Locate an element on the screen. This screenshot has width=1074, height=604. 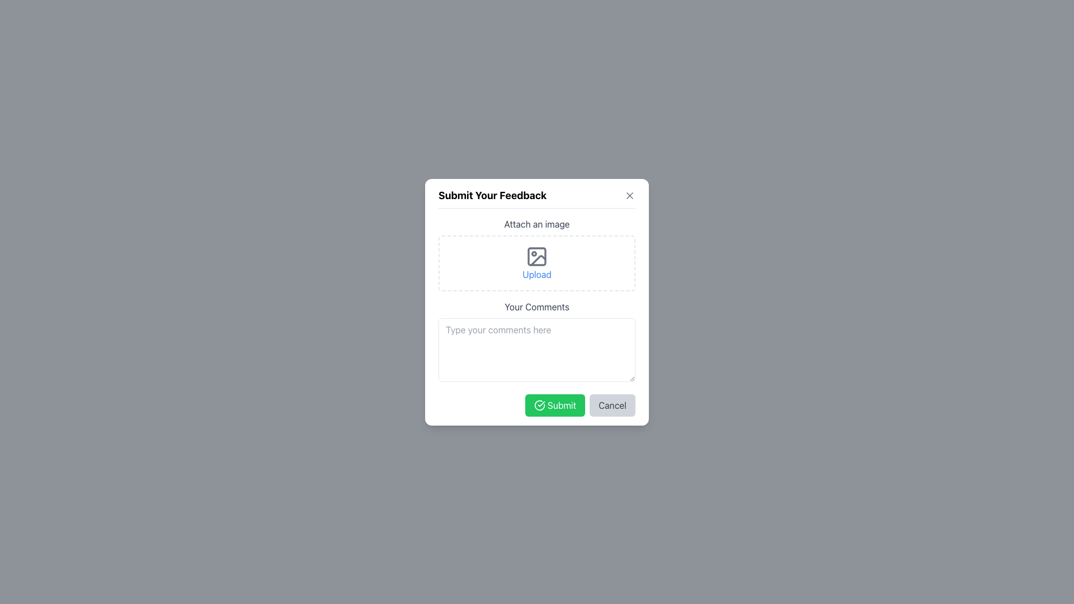
the checkmark icon with a circular border, which is styled in white on a green background, located to the left of the 'Submit' label in the green rectangular button at the bottom left of the dialog box is located at coordinates (539, 405).